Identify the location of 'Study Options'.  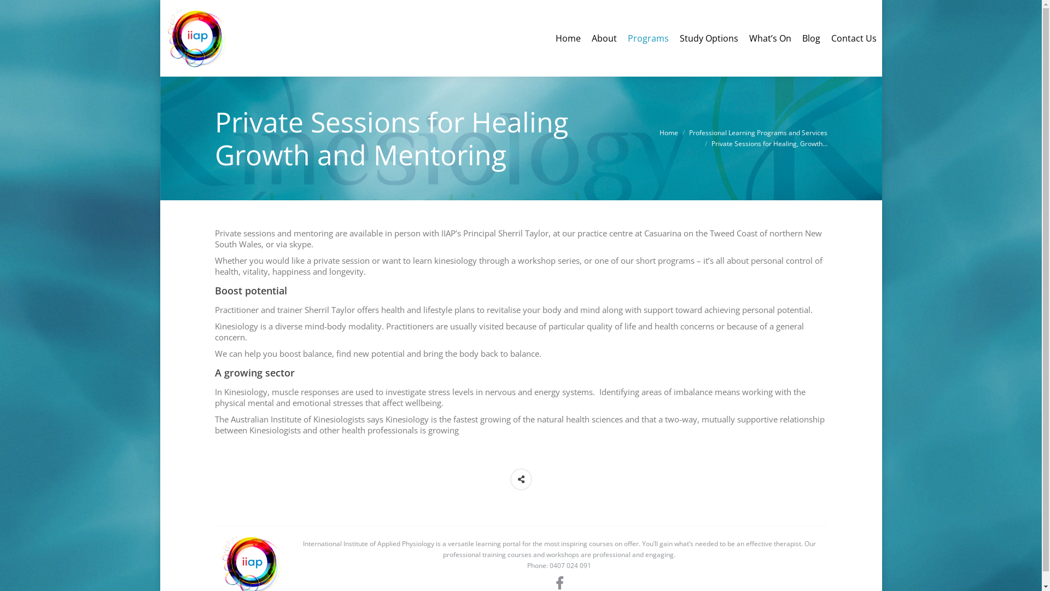
(708, 37).